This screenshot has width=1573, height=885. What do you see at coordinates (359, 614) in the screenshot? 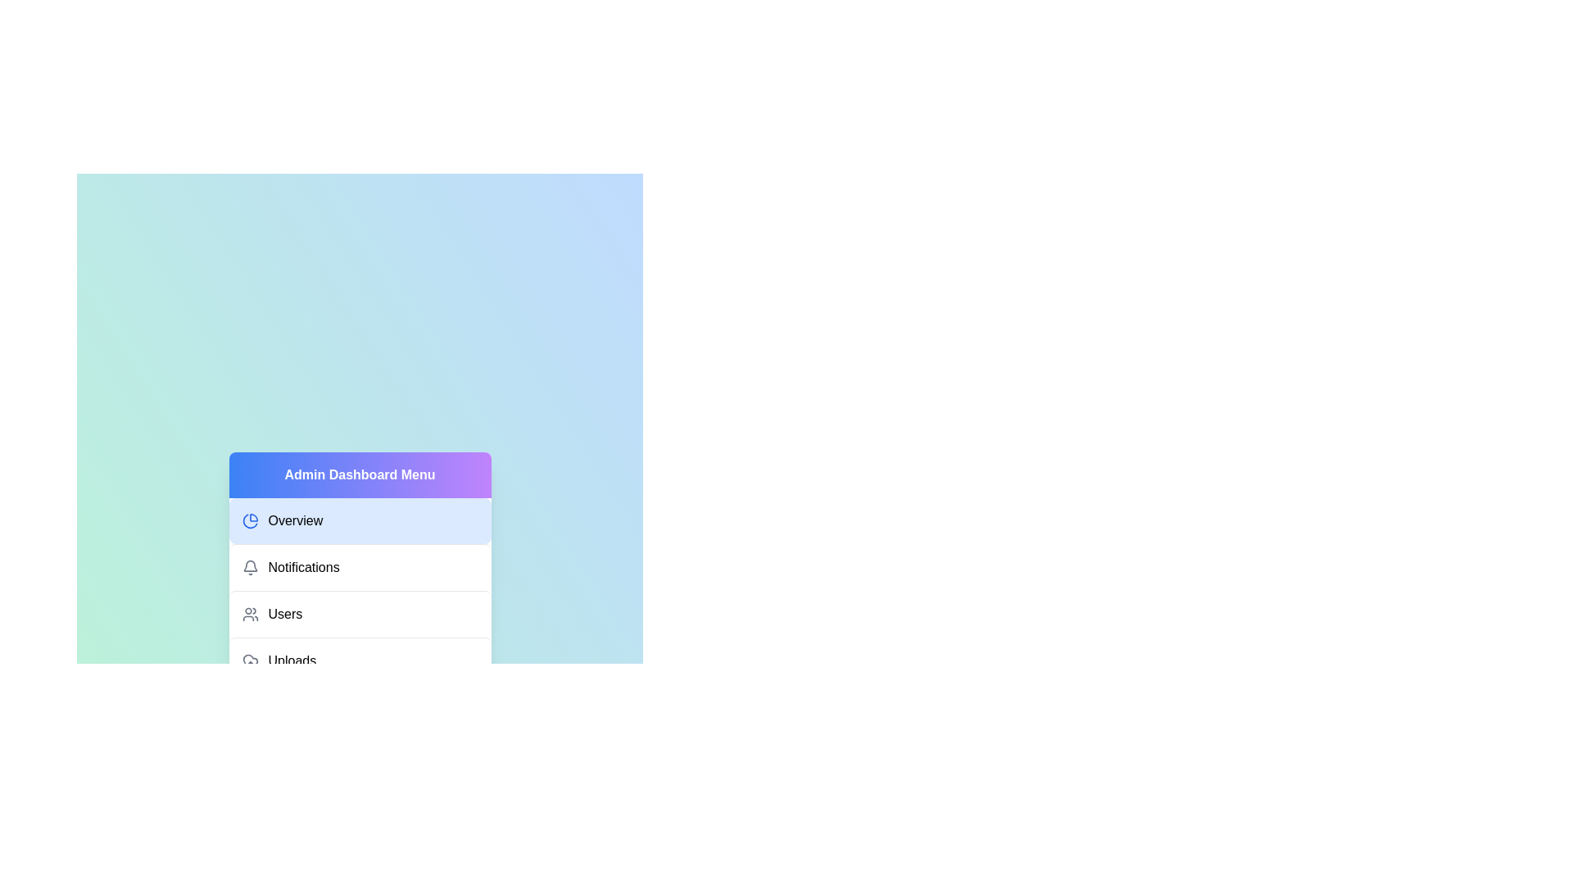
I see `the menu item Users by clicking on it` at bounding box center [359, 614].